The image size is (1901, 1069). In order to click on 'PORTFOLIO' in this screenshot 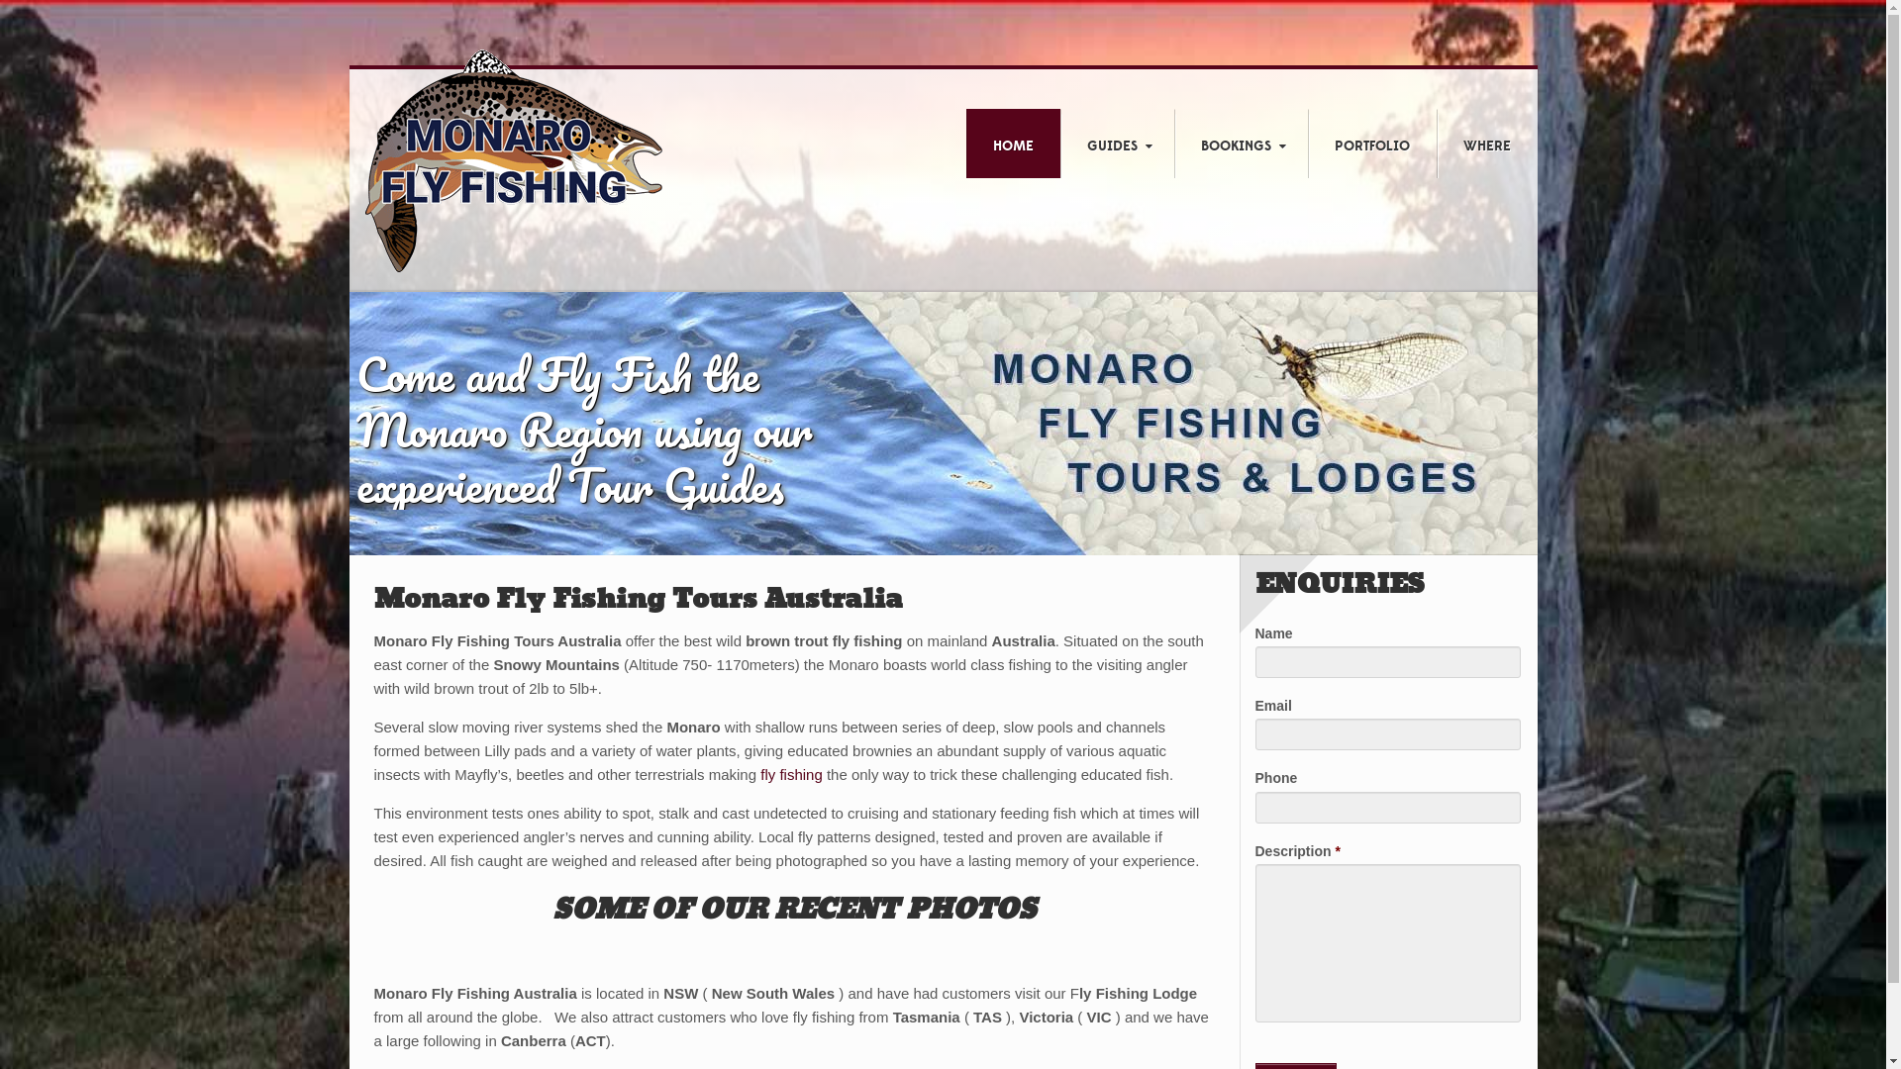, I will do `click(1371, 145)`.